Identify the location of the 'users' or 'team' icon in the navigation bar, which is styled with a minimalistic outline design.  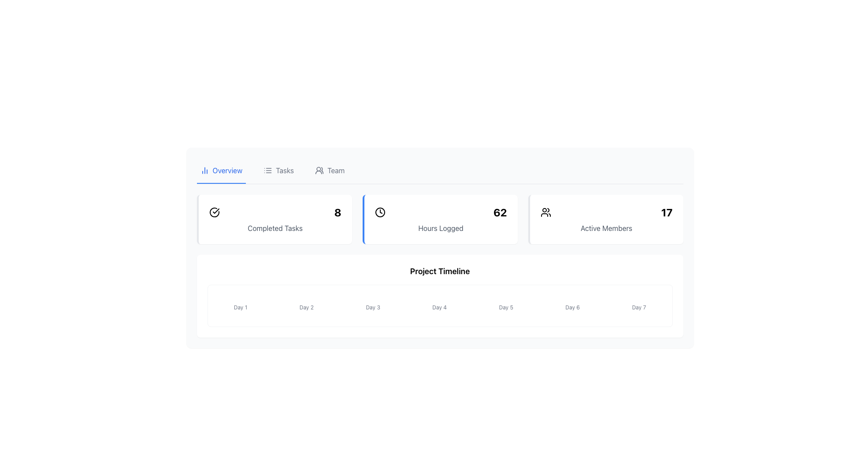
(319, 170).